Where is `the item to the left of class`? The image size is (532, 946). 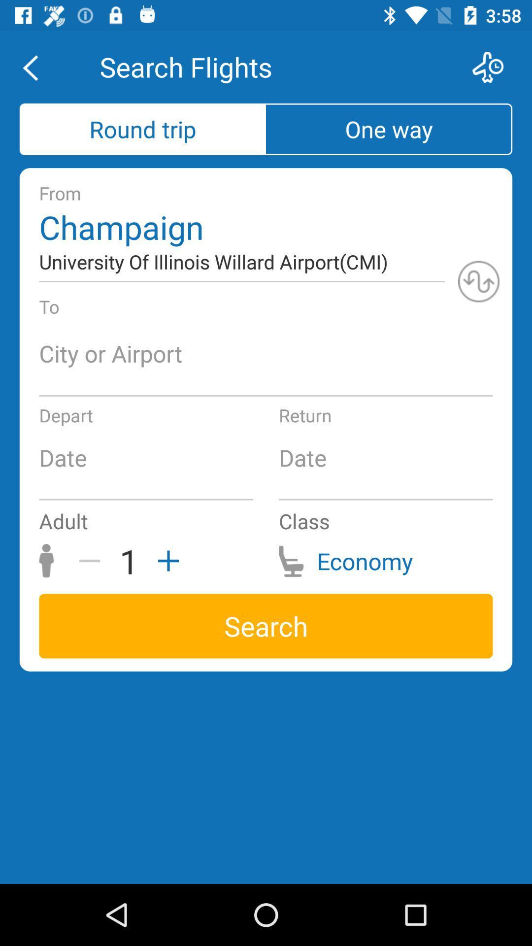 the item to the left of class is located at coordinates (165, 561).